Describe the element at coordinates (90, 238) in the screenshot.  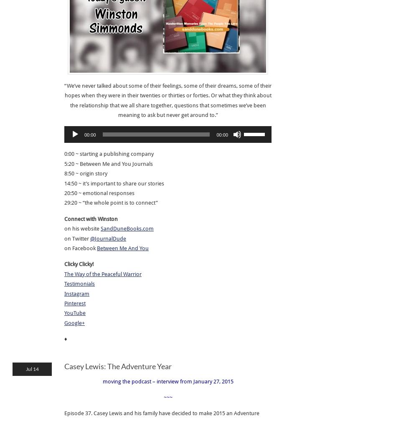
I see `'@JournalDude'` at that location.